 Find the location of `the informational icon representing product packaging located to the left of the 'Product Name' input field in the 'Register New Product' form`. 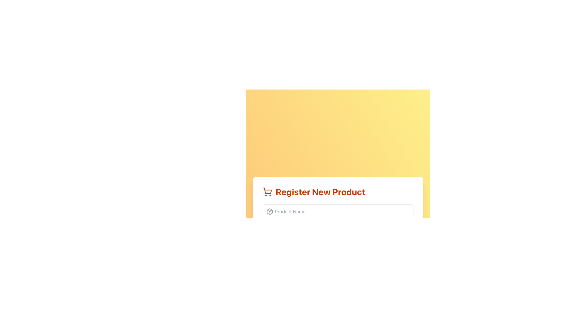

the informational icon representing product packaging located to the left of the 'Product Name' input field in the 'Register New Product' form is located at coordinates (269, 211).